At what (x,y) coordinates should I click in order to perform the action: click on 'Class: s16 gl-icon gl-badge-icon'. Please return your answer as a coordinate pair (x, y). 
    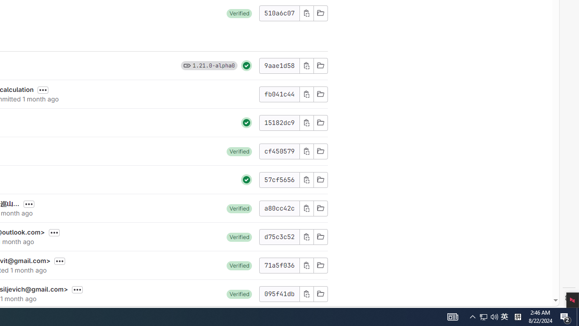
    Looking at the image, I should click on (186, 65).